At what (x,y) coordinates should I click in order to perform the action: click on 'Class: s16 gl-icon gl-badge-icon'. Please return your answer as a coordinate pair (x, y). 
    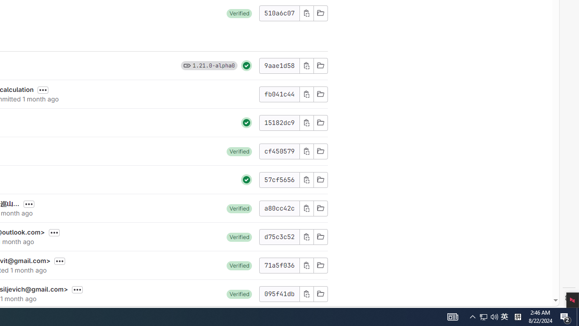
    Looking at the image, I should click on (186, 65).